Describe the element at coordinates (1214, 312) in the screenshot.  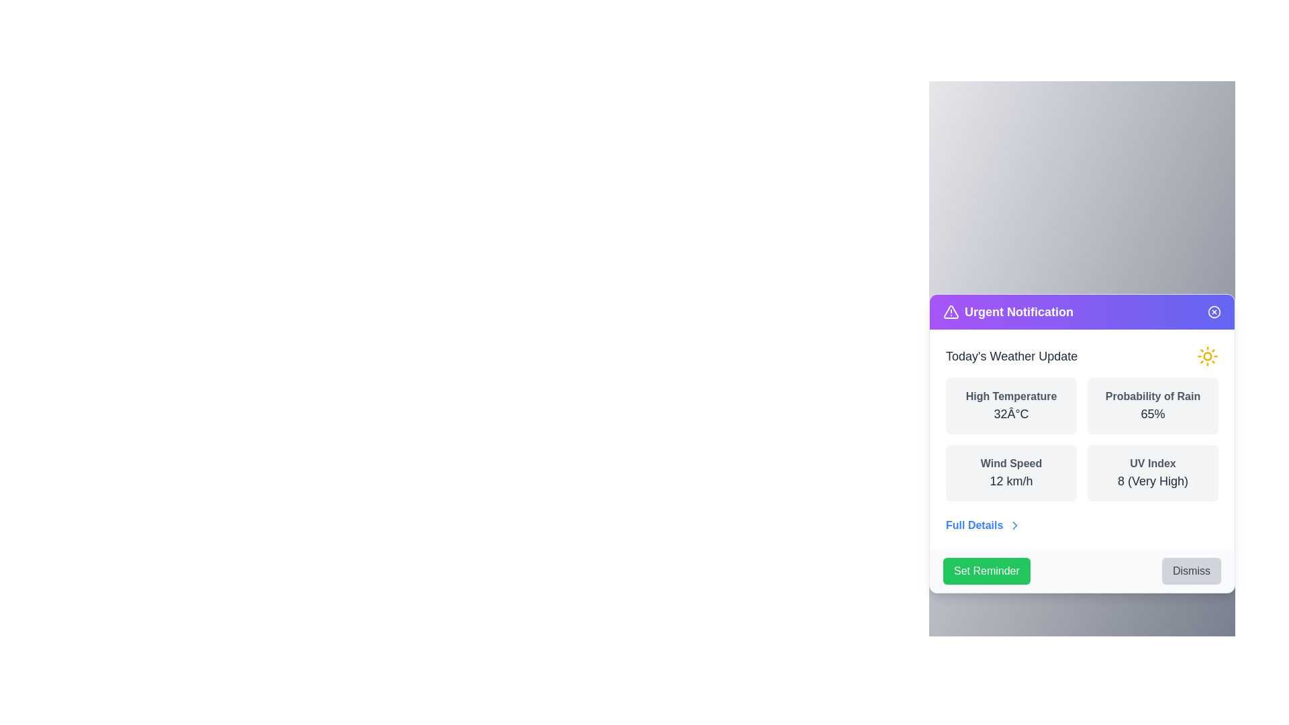
I see `the close button on the far right of the notification bar` at that location.